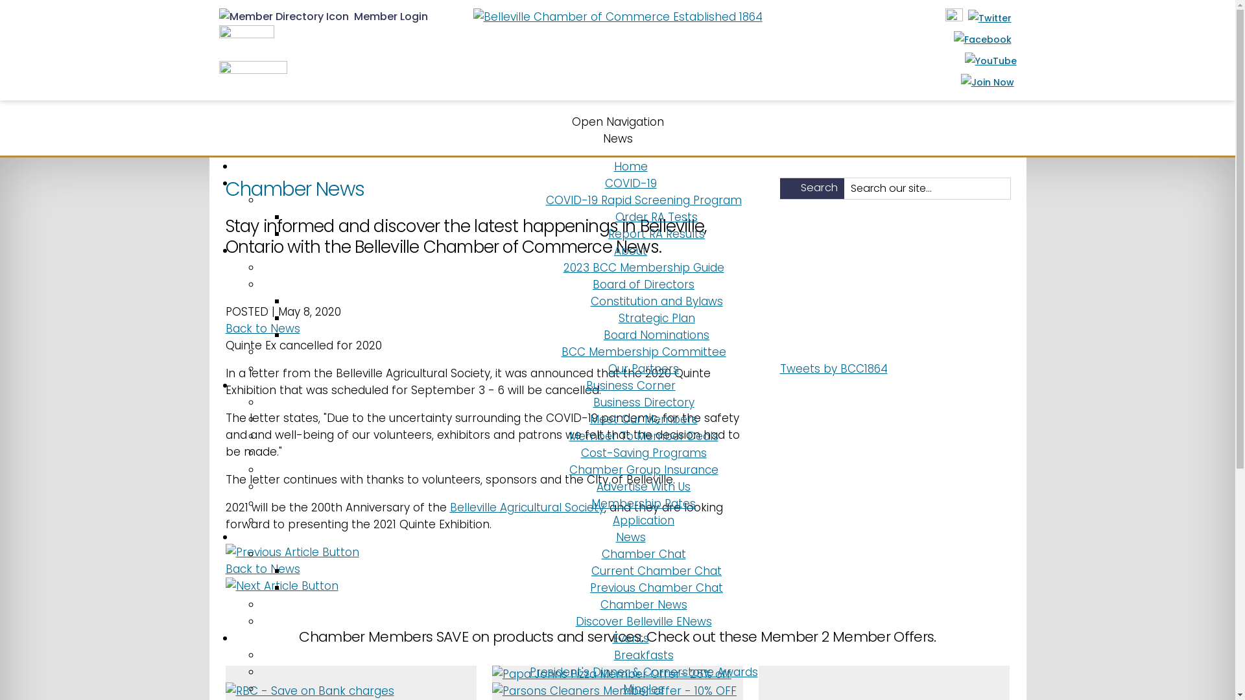 The width and height of the screenshot is (1245, 700). I want to click on 'Parsons Cleaners Member offer - 10% OFF', so click(613, 690).